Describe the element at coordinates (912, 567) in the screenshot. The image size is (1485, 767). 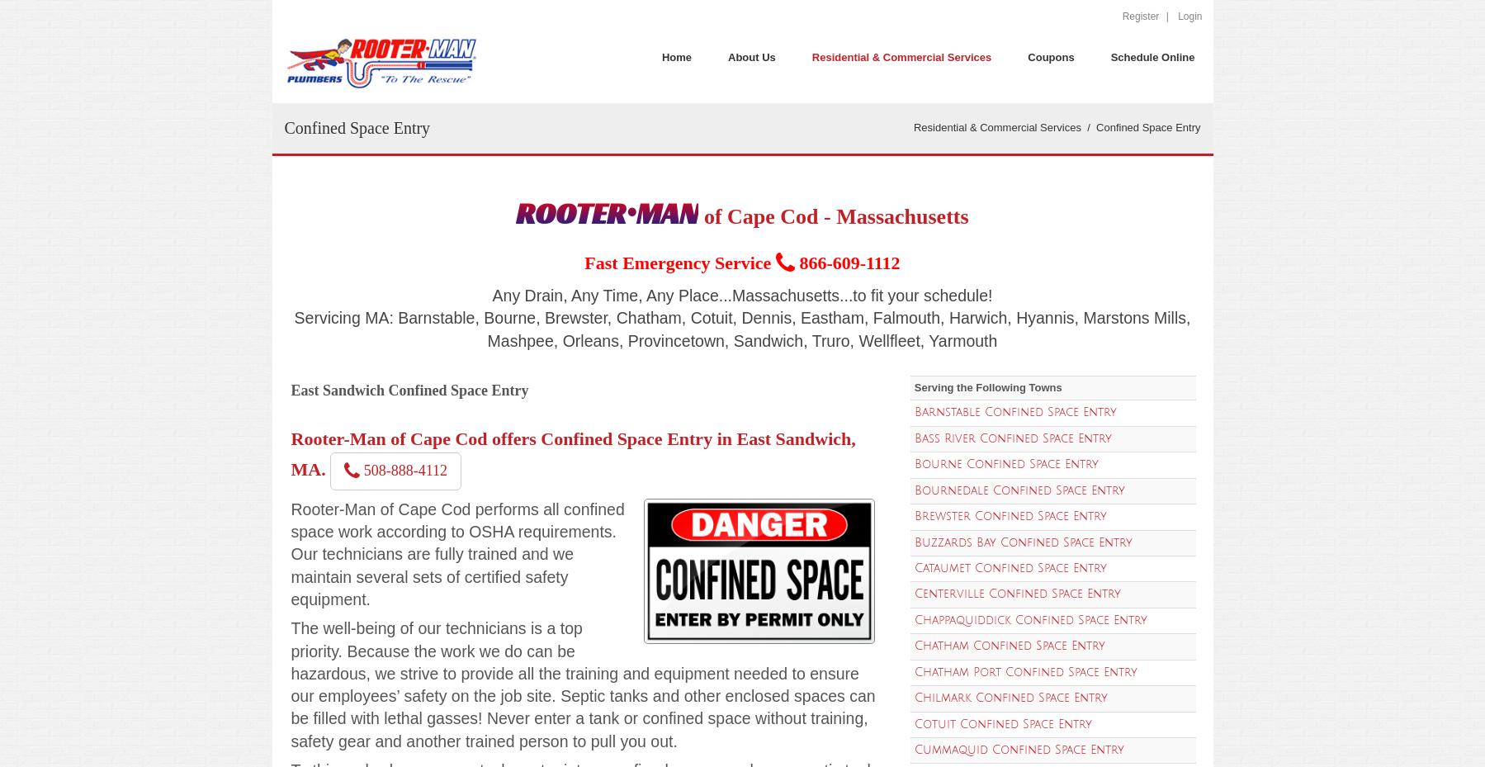
I see `'Cataumet Confined Space Entry'` at that location.